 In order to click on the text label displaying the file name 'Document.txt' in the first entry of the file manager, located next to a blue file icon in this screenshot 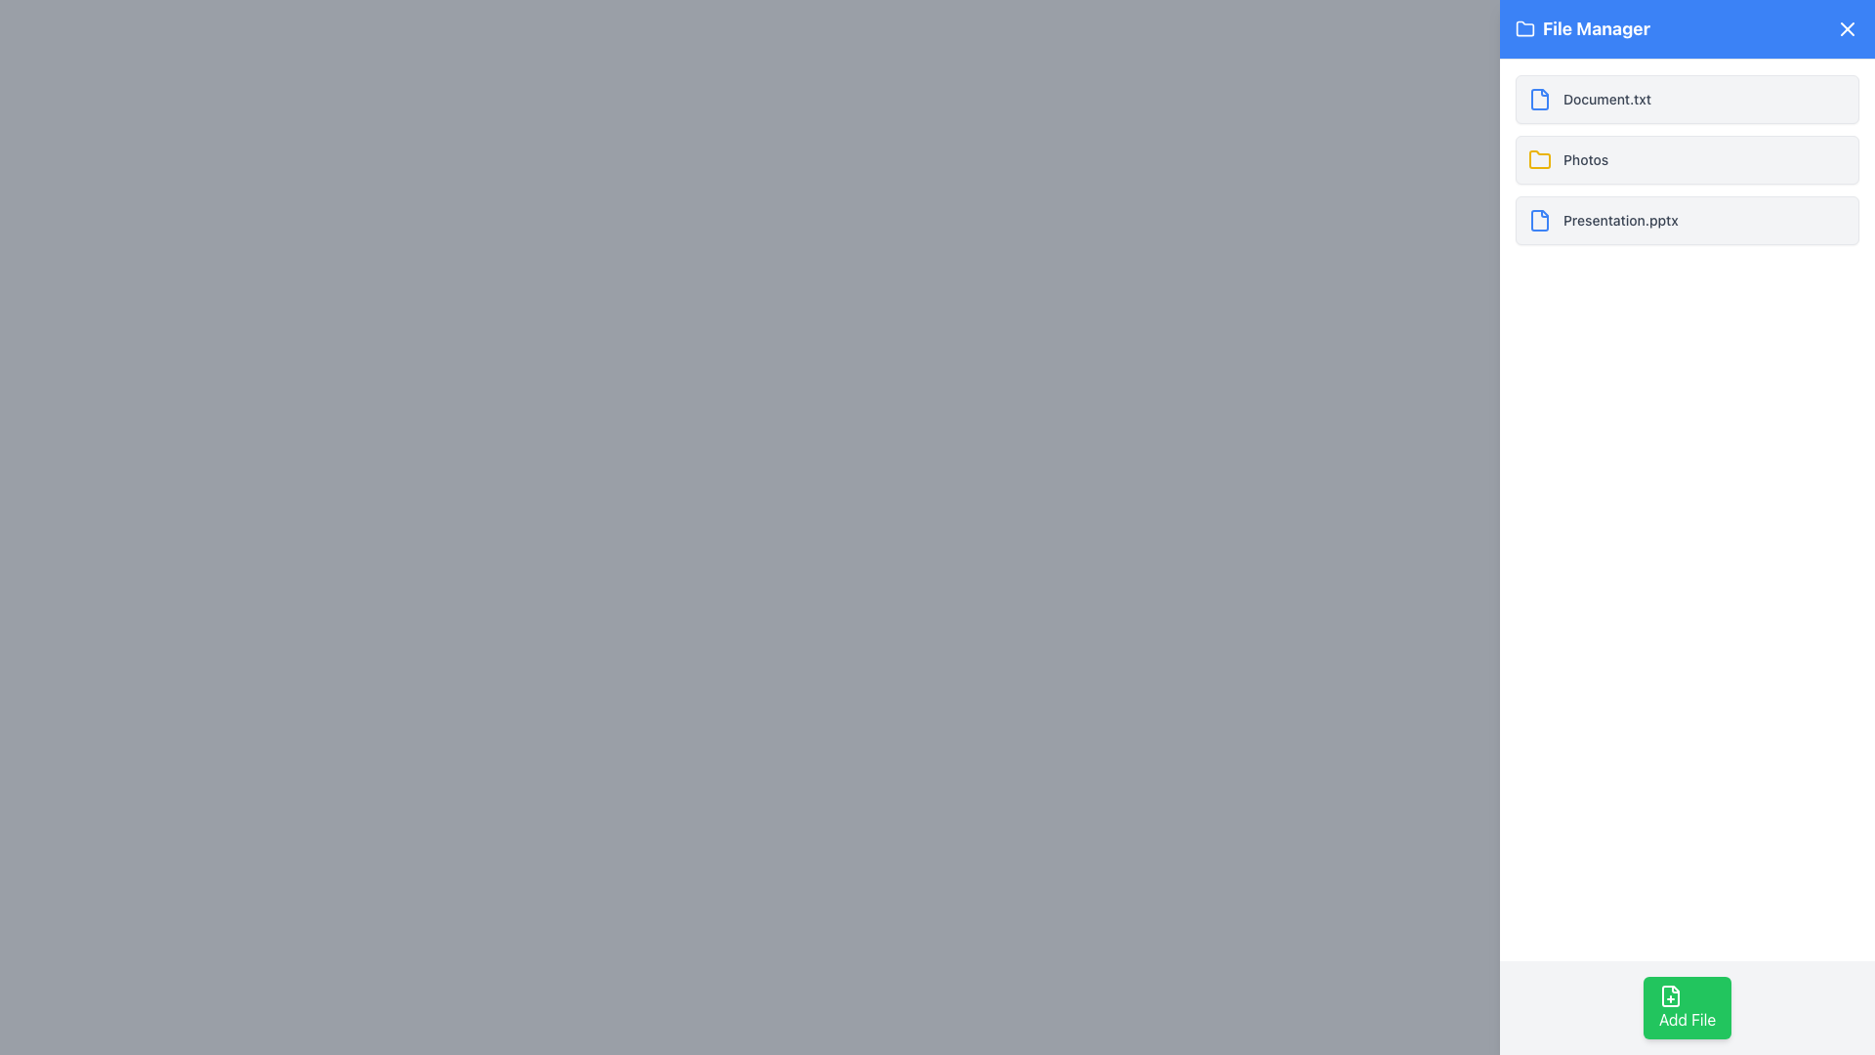, I will do `click(1589, 99)`.